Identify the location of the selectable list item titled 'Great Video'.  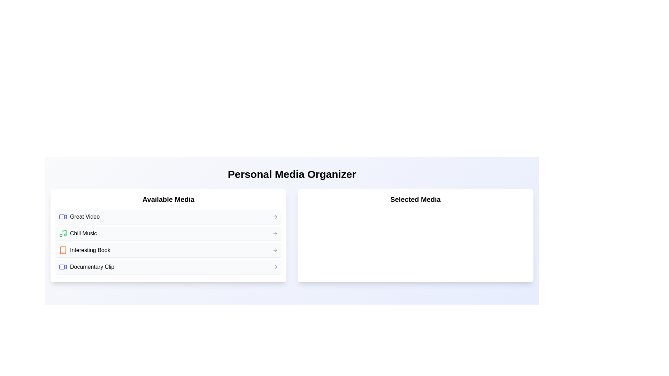
(79, 217).